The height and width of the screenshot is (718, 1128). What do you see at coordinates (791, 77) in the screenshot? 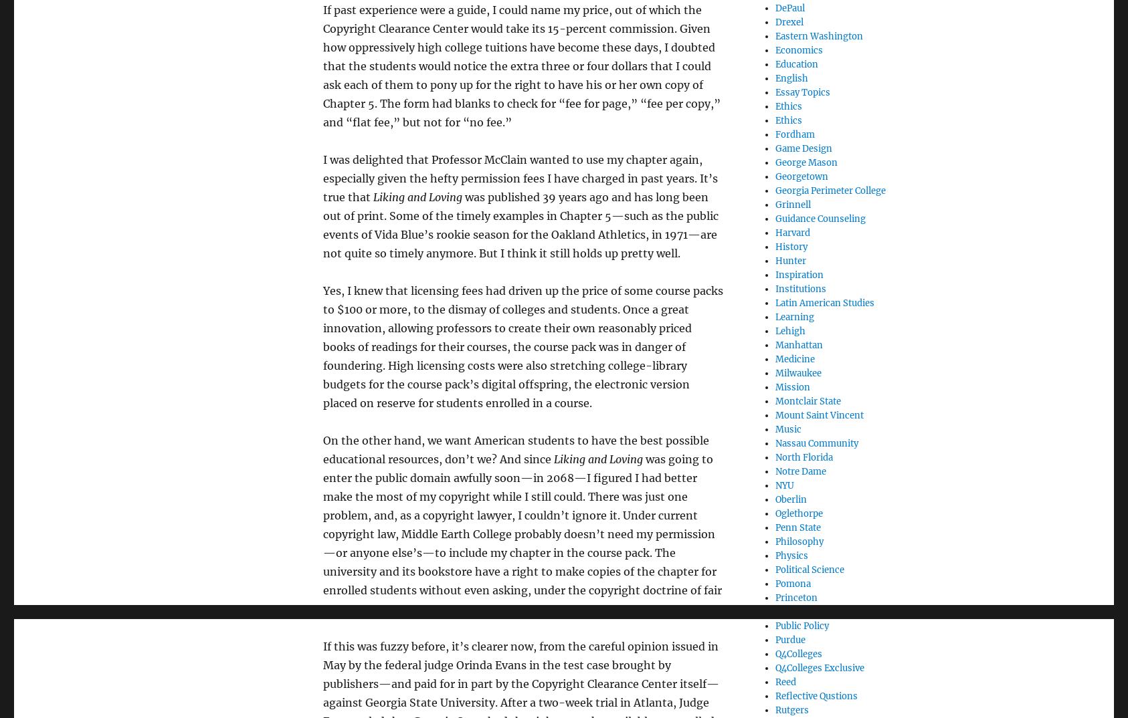
I see `'English'` at bounding box center [791, 77].